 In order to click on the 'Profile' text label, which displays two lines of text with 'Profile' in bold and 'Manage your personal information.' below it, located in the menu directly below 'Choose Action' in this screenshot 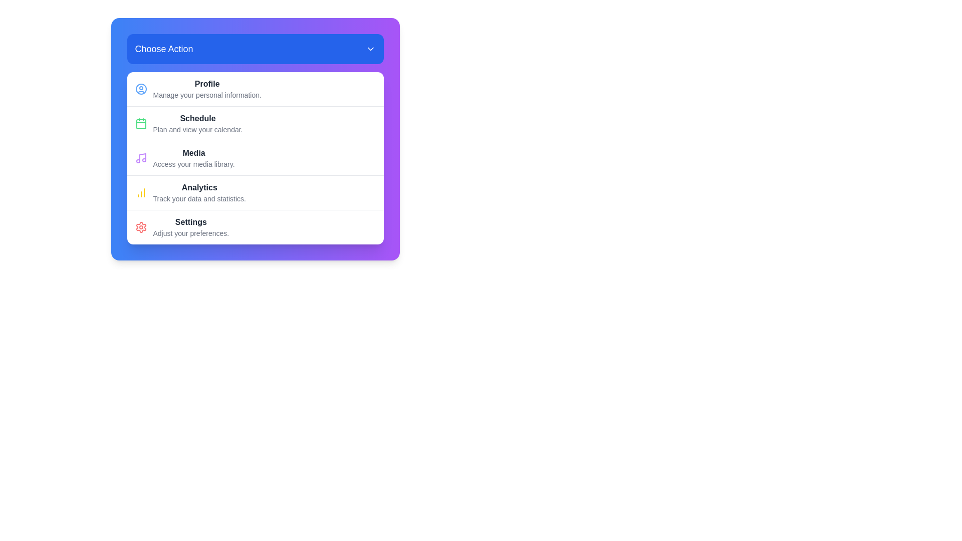, I will do `click(206, 88)`.